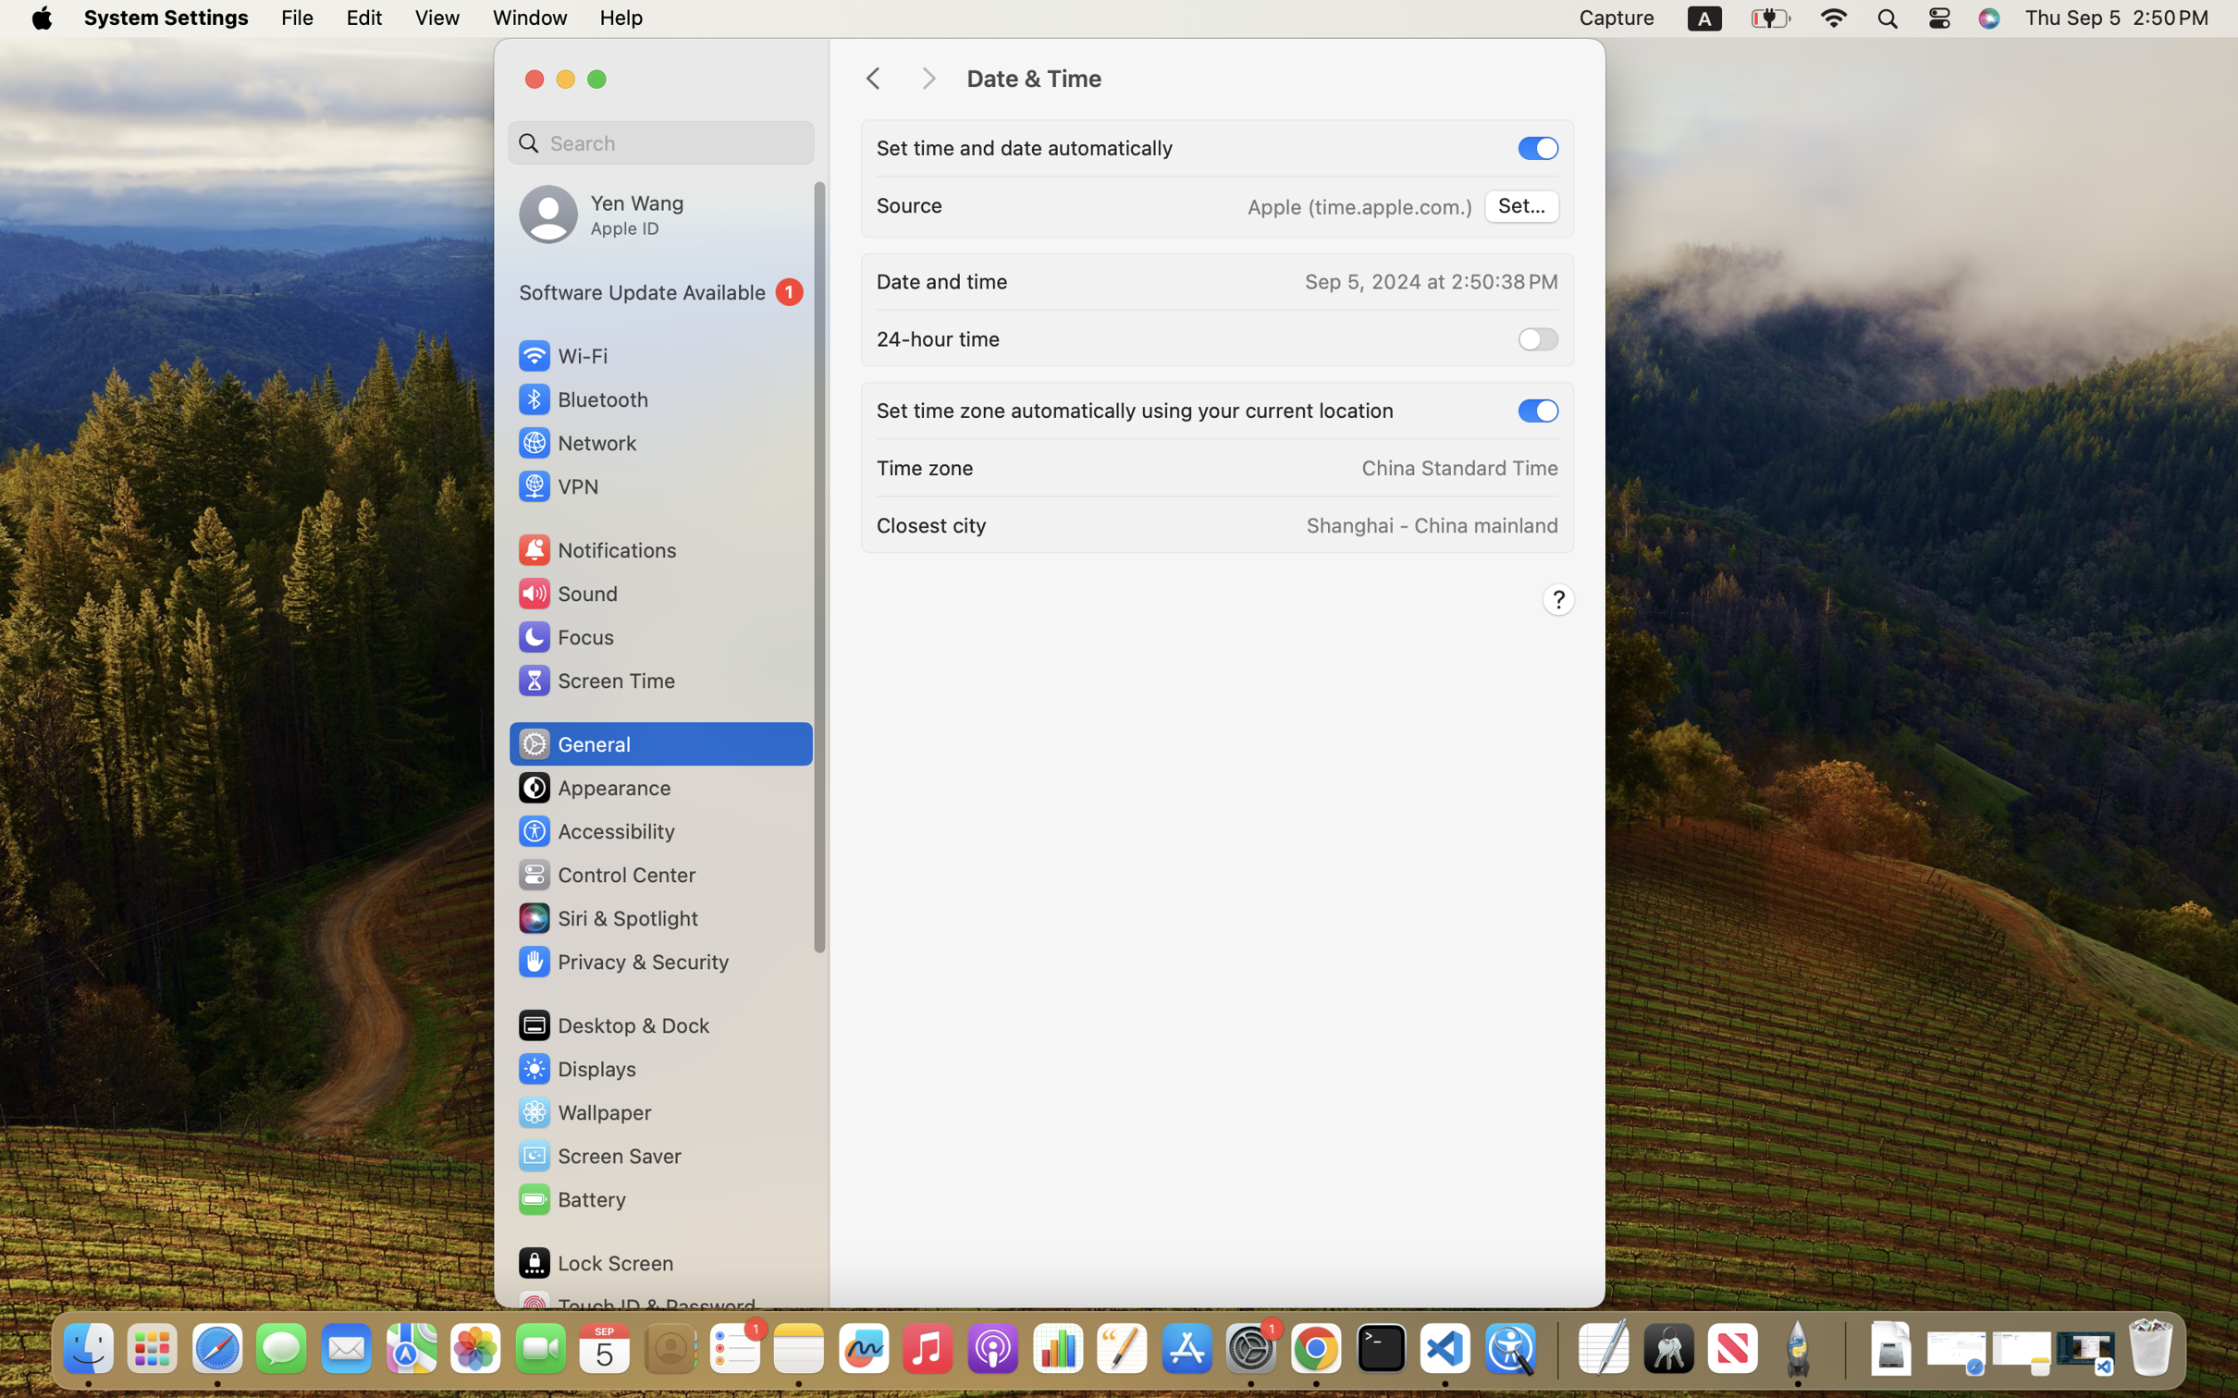  I want to click on 'Closest city', so click(931, 525).